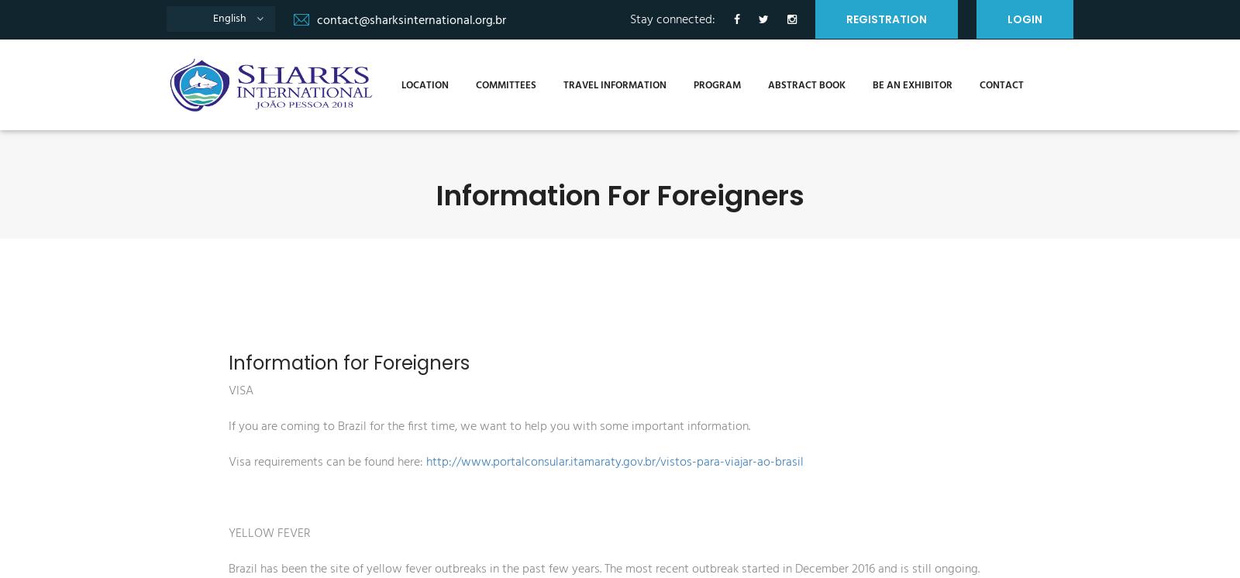  What do you see at coordinates (229, 519) in the screenshot?
I see `'YELLOW FEVER'` at bounding box center [229, 519].